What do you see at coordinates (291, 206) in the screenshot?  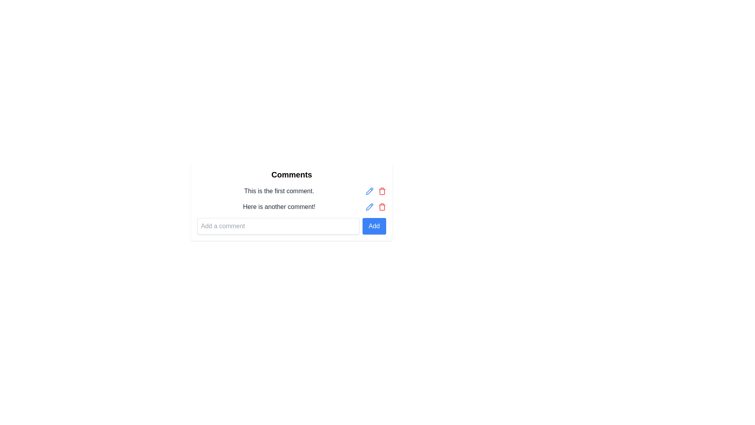 I see `the text label displaying 'Here is another comment!' which is the second entry in a list of comments` at bounding box center [291, 206].